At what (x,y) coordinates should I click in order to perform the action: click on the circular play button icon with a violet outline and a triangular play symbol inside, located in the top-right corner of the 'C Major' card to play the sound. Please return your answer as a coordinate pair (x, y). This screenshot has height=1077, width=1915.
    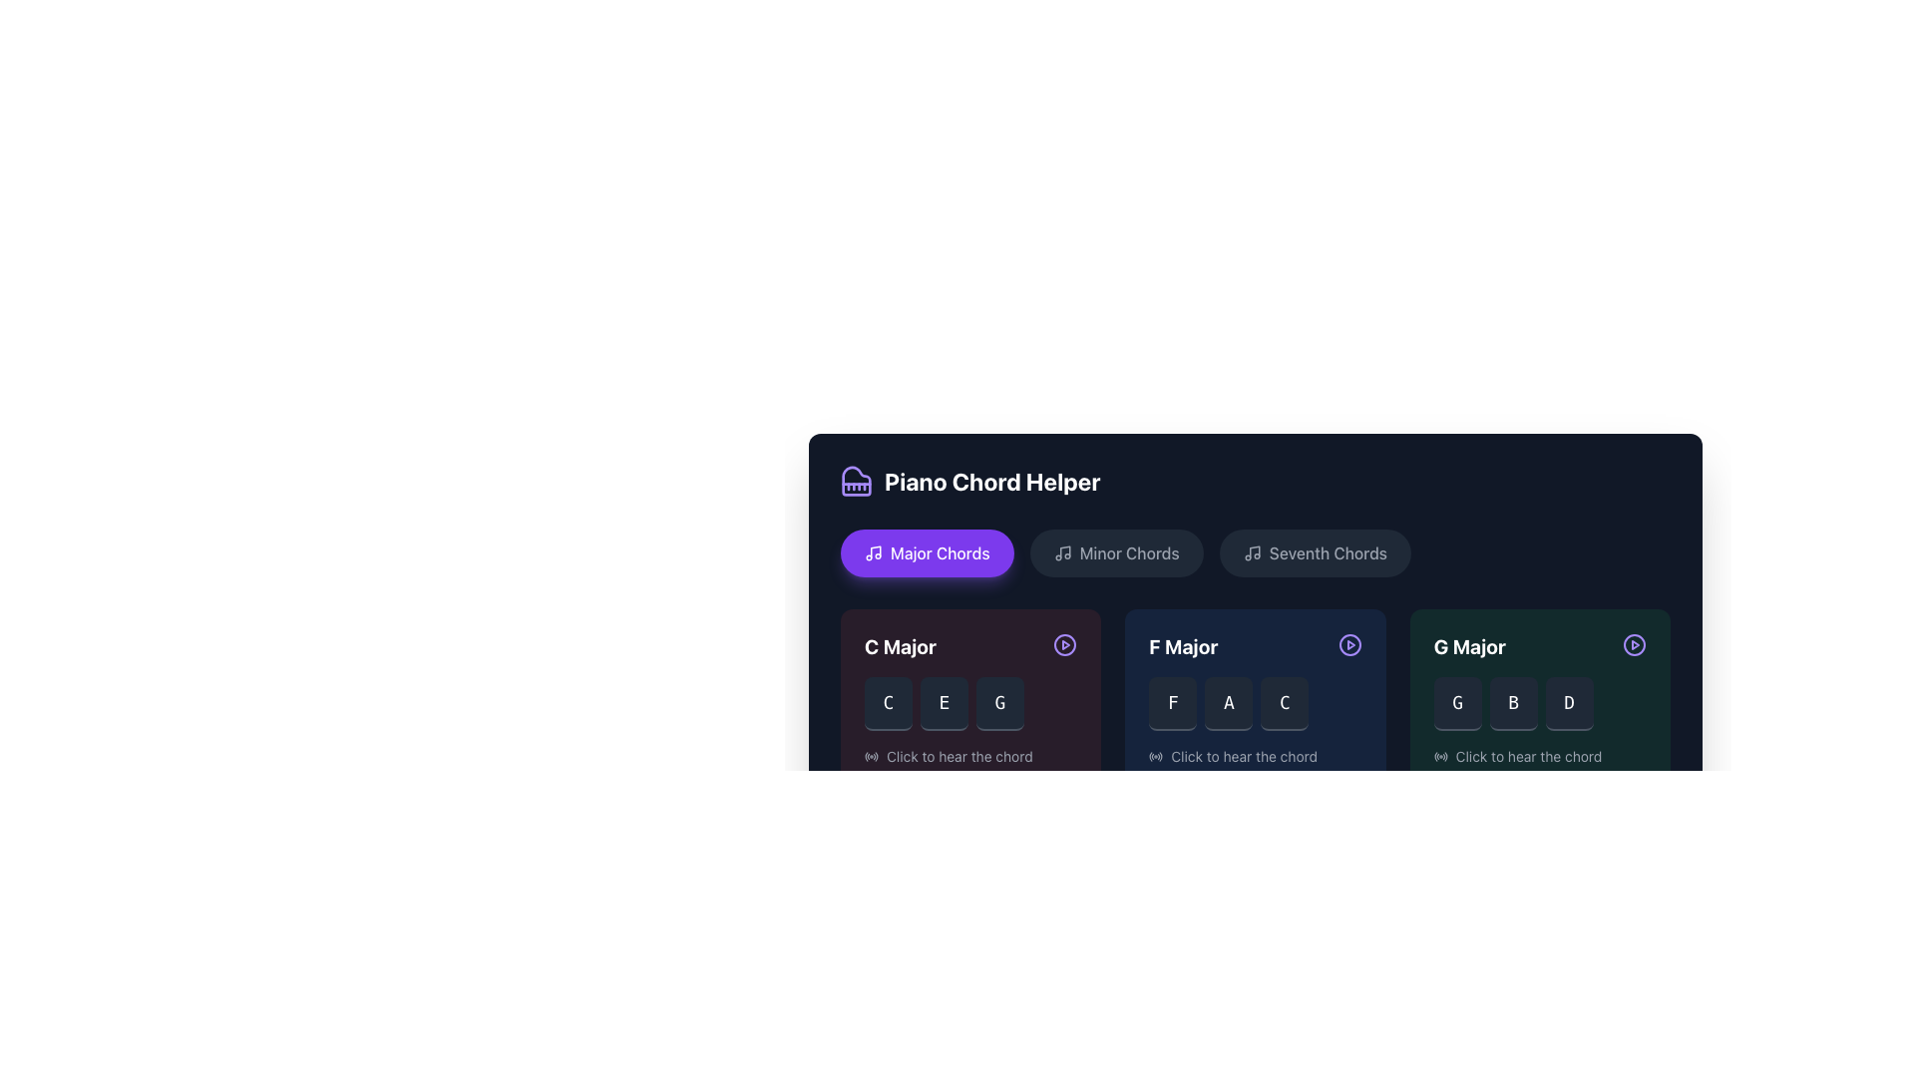
    Looking at the image, I should click on (1064, 645).